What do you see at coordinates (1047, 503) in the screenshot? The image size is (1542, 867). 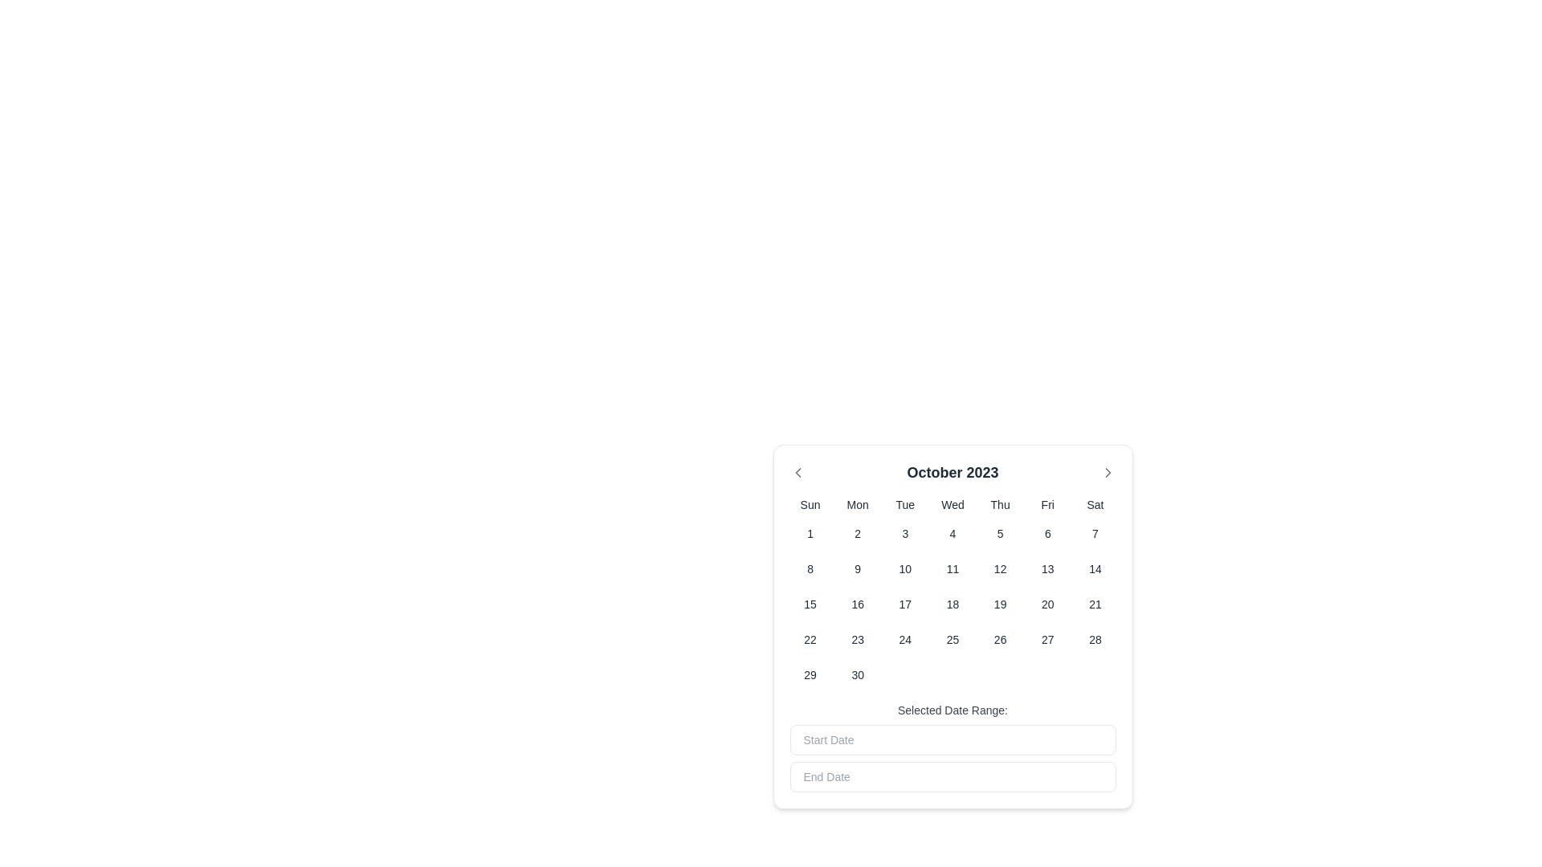 I see `the 'Friday' weekday label in the calendar view, which is the sixth element in the row of weekday labels` at bounding box center [1047, 503].